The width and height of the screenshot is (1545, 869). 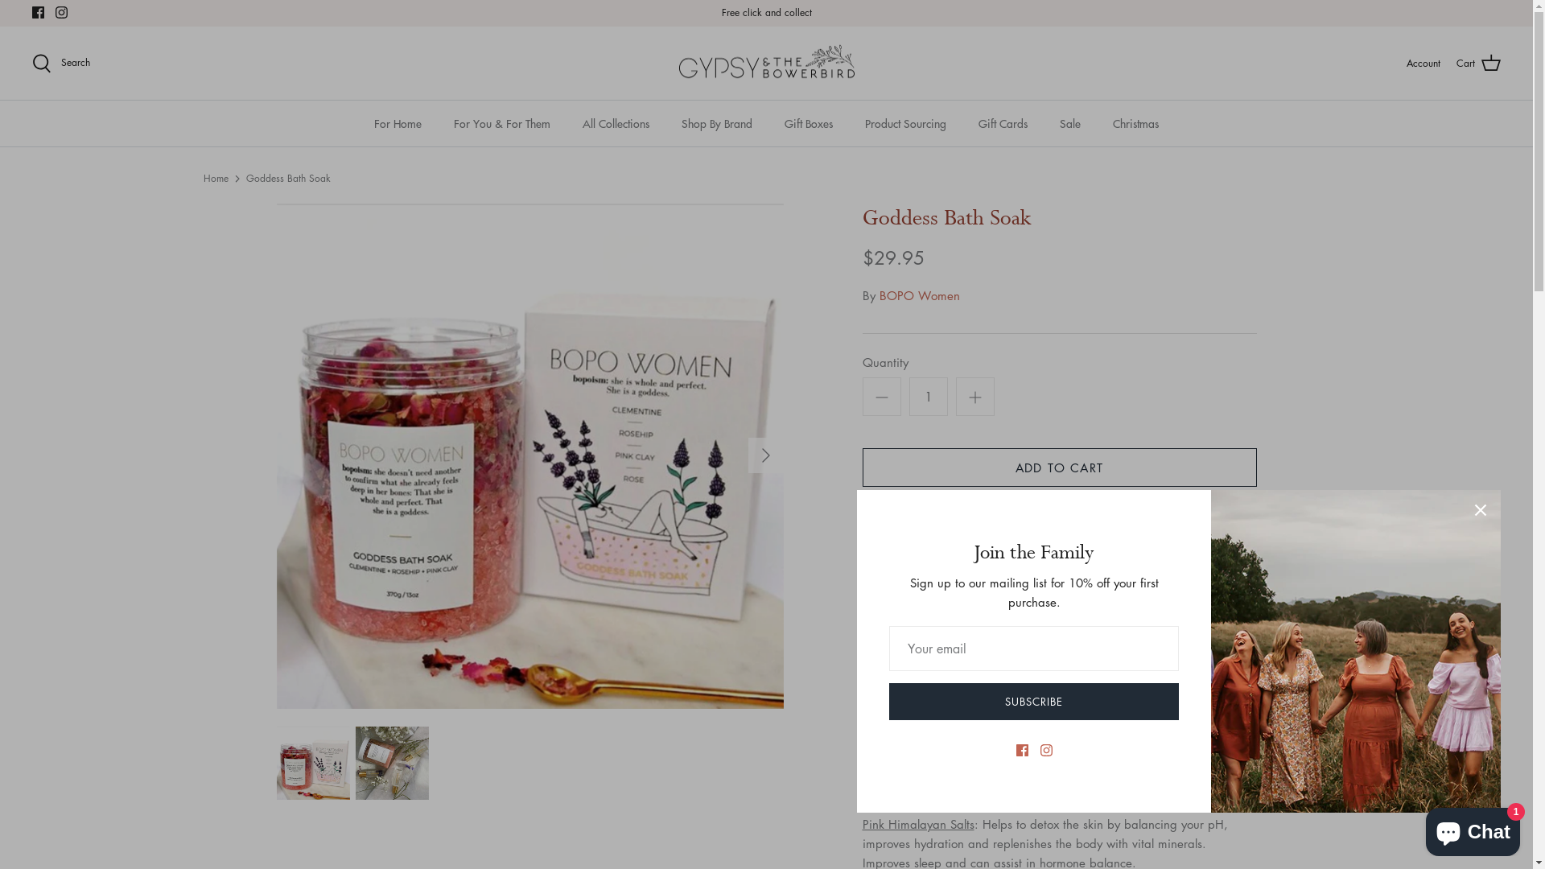 I want to click on 'Gift Cards', so click(x=1002, y=122).